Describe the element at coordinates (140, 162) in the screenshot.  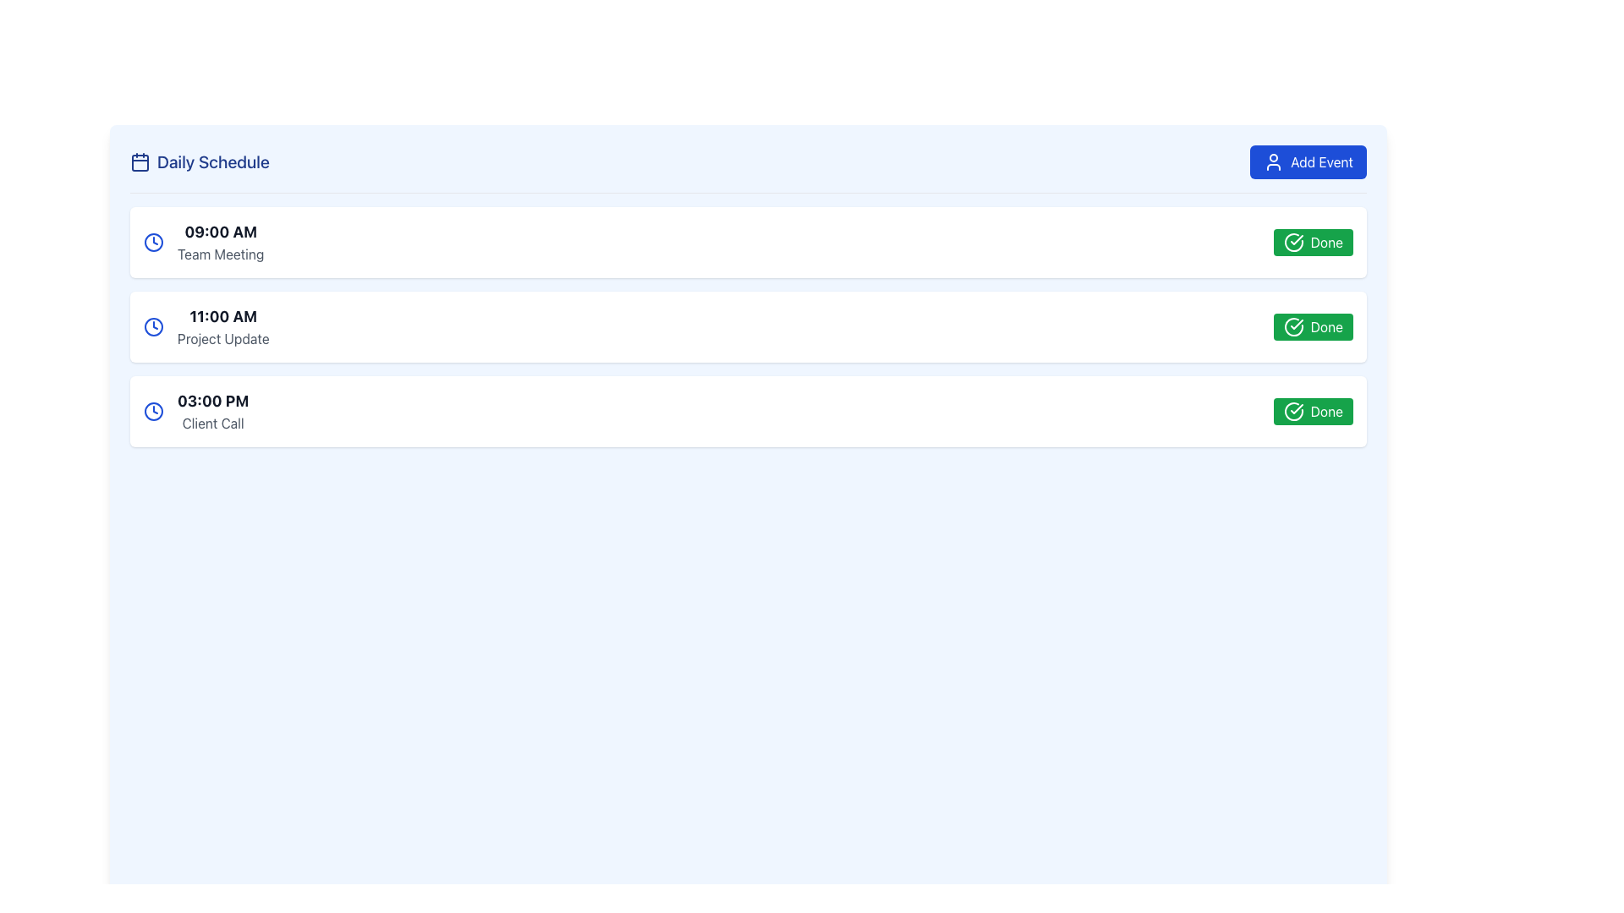
I see `calendar grid icon with rounded corners located to the left of the 'Daily Schedule' text for accessibility purposes` at that location.